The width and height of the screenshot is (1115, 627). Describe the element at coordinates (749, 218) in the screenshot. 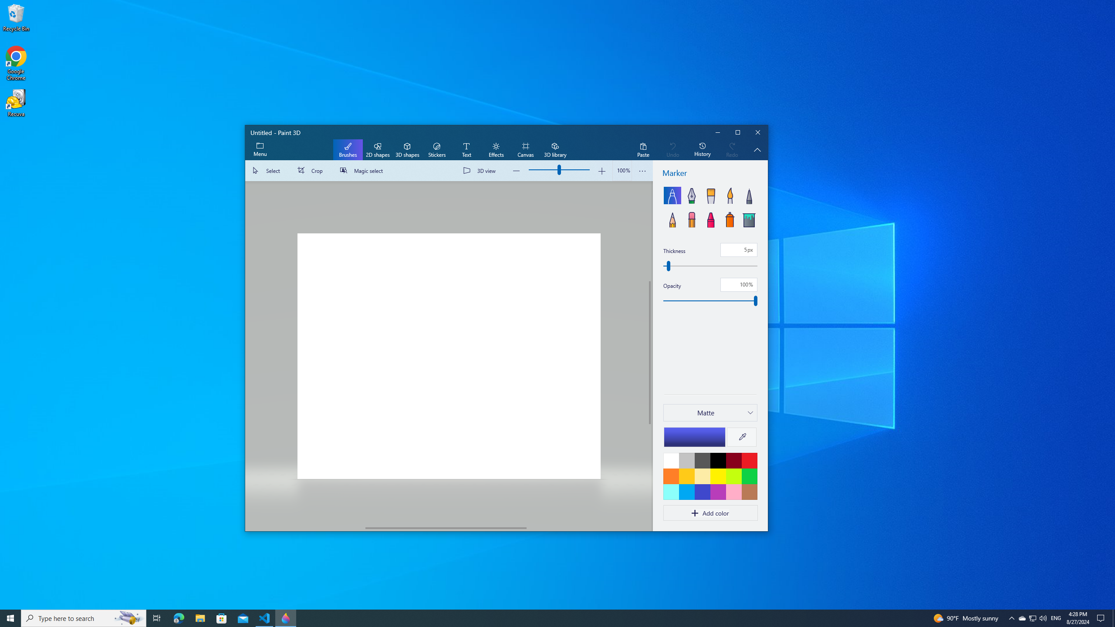

I see `'Fill'` at that location.